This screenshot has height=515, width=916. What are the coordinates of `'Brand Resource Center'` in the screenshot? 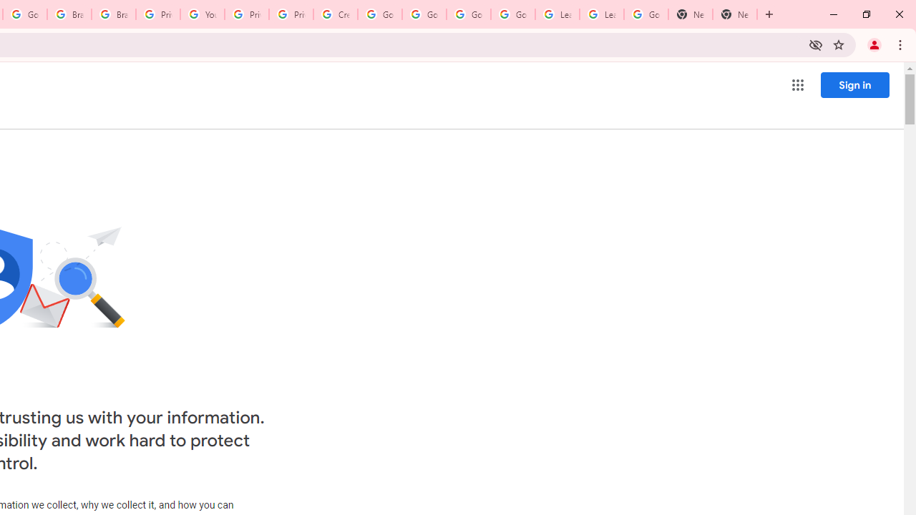 It's located at (69, 14).